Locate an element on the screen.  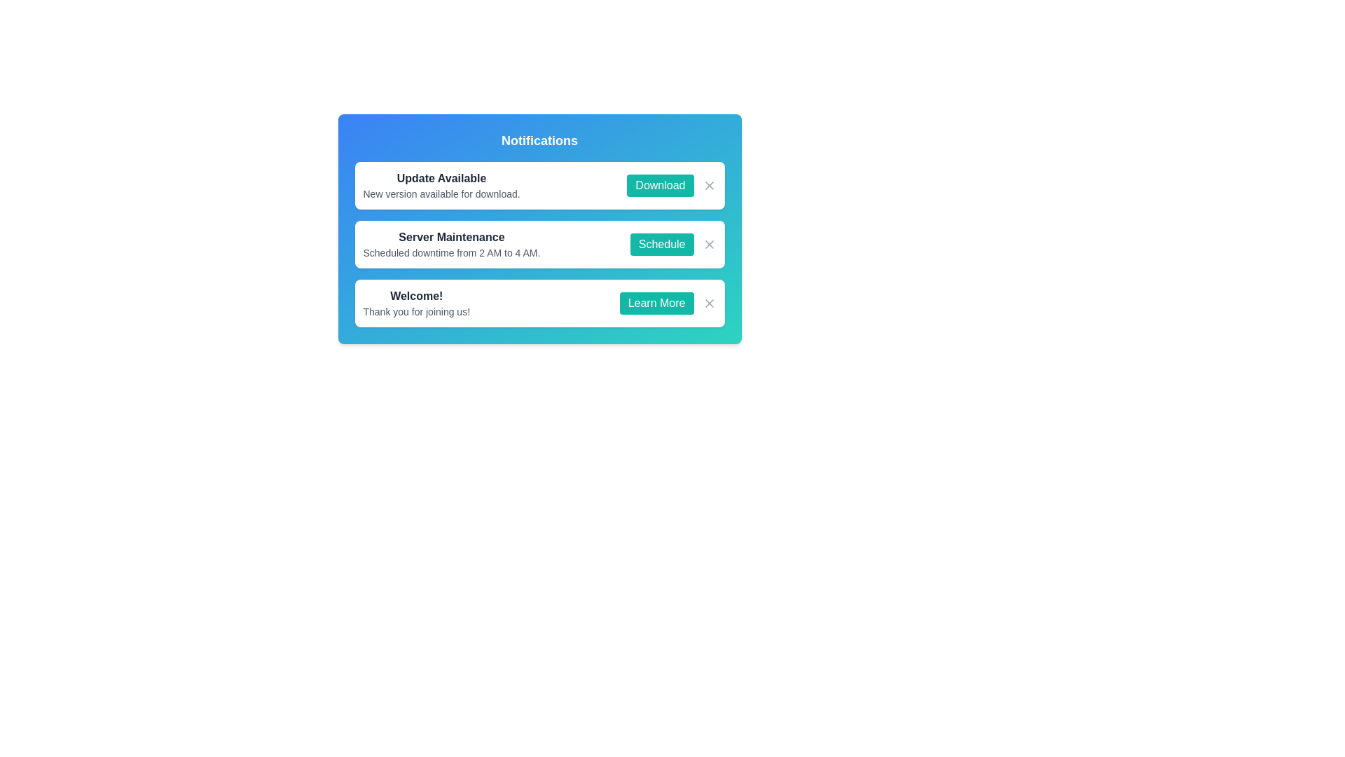
the notification titled 'Server Maintenance' is located at coordinates (451, 243).